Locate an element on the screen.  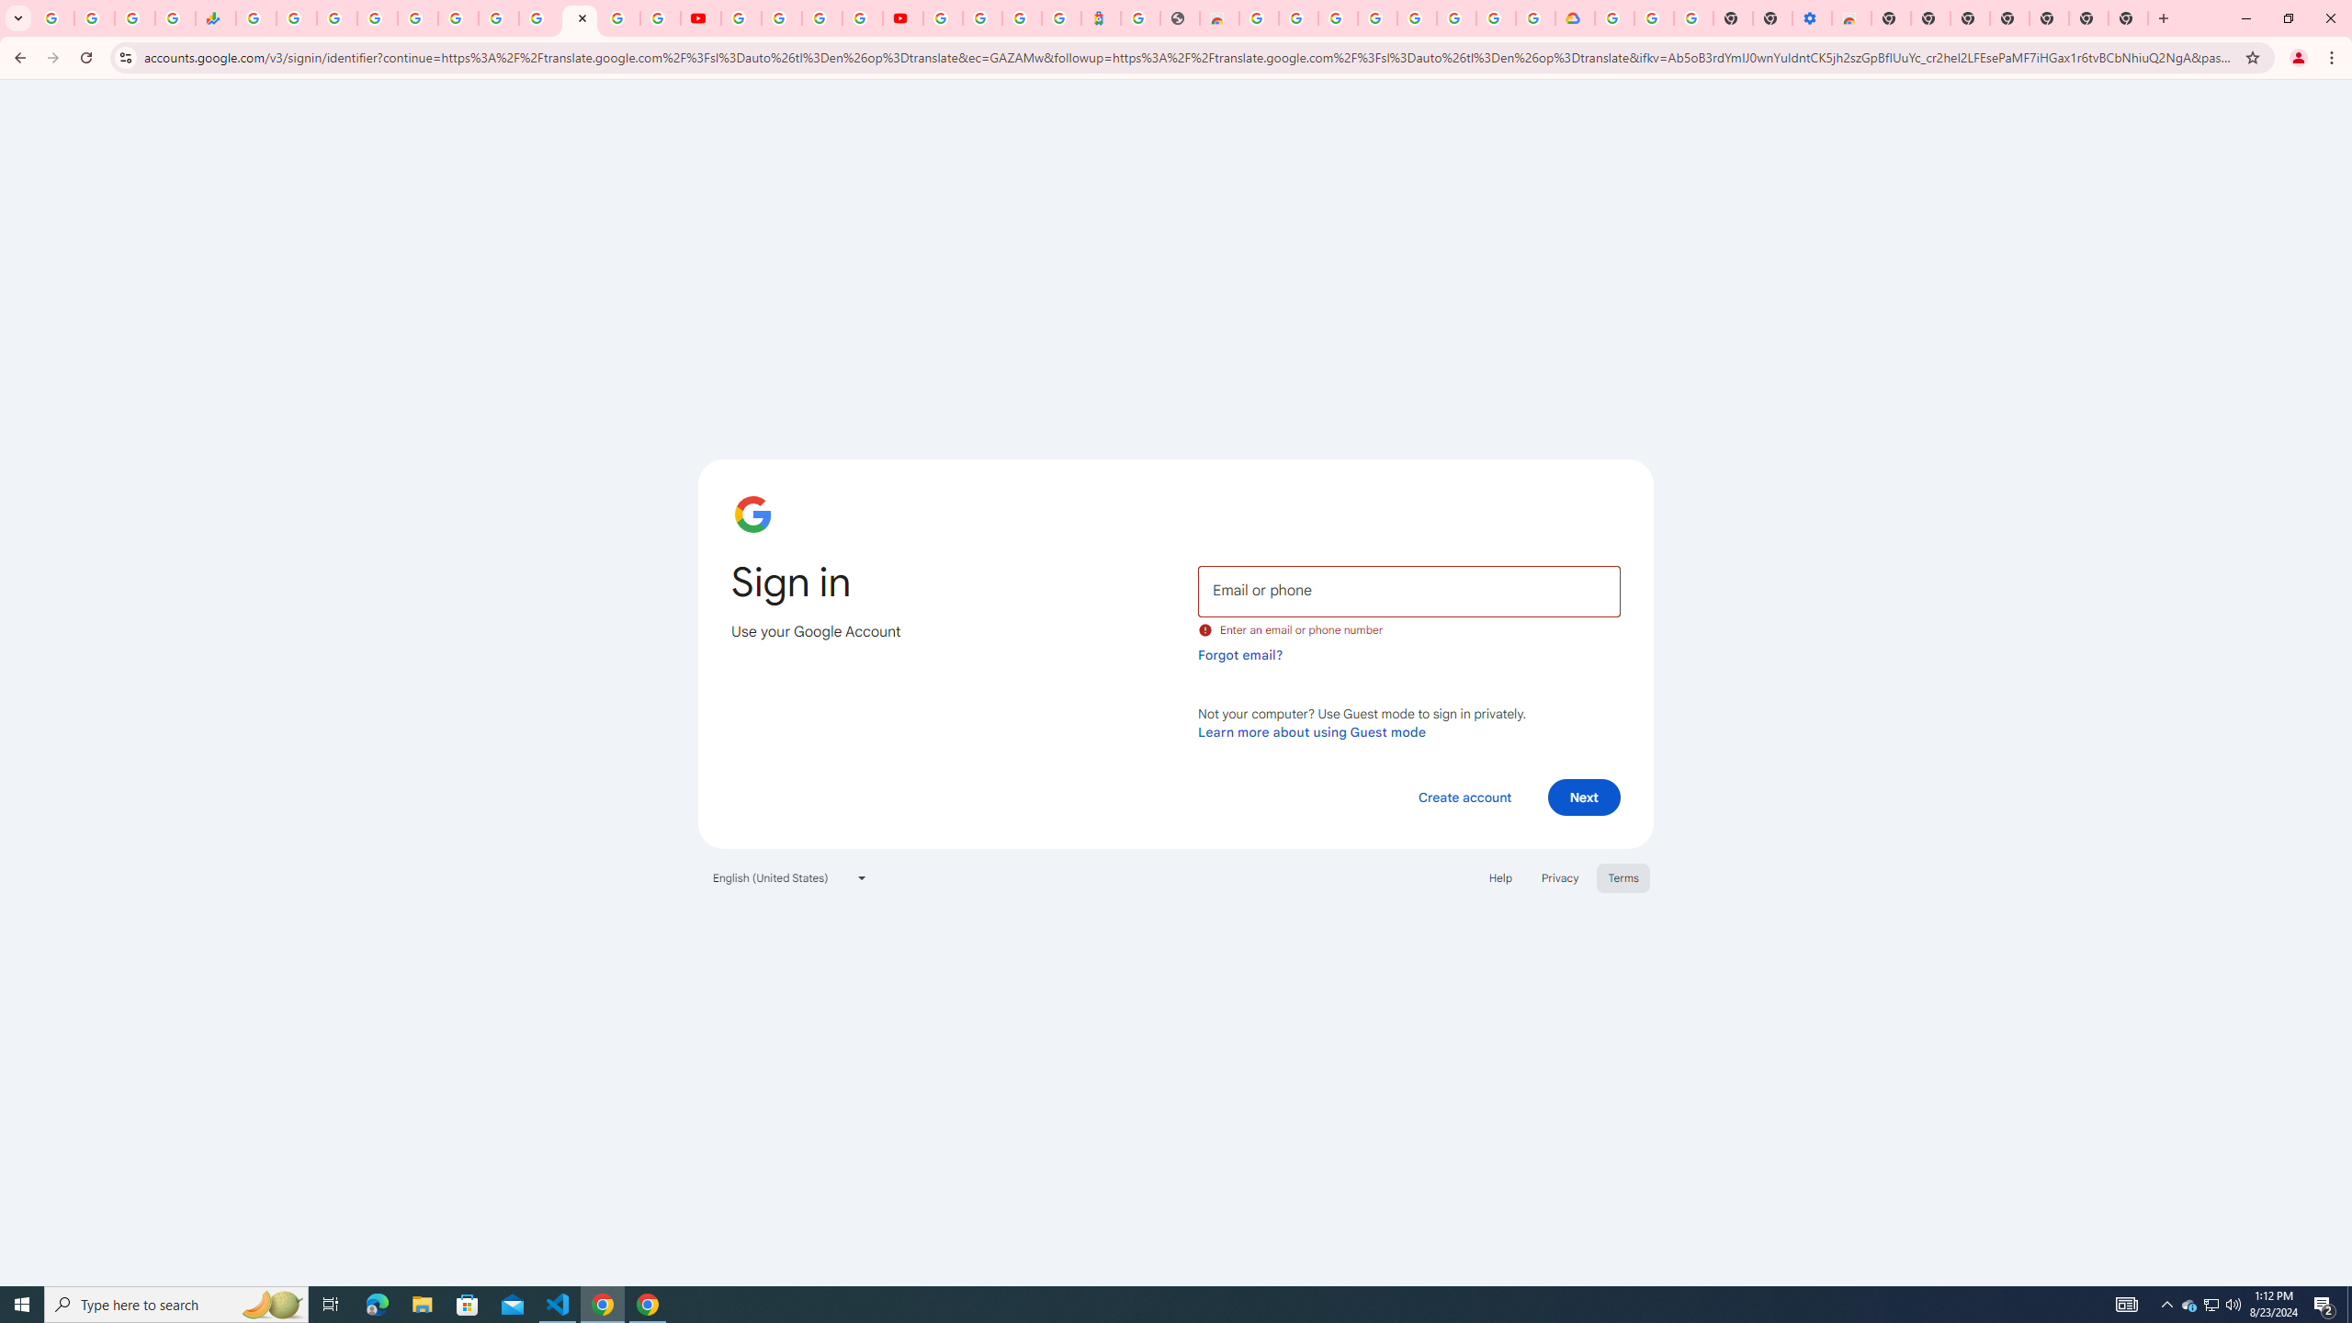
'English (United States)' is located at coordinates (790, 876).